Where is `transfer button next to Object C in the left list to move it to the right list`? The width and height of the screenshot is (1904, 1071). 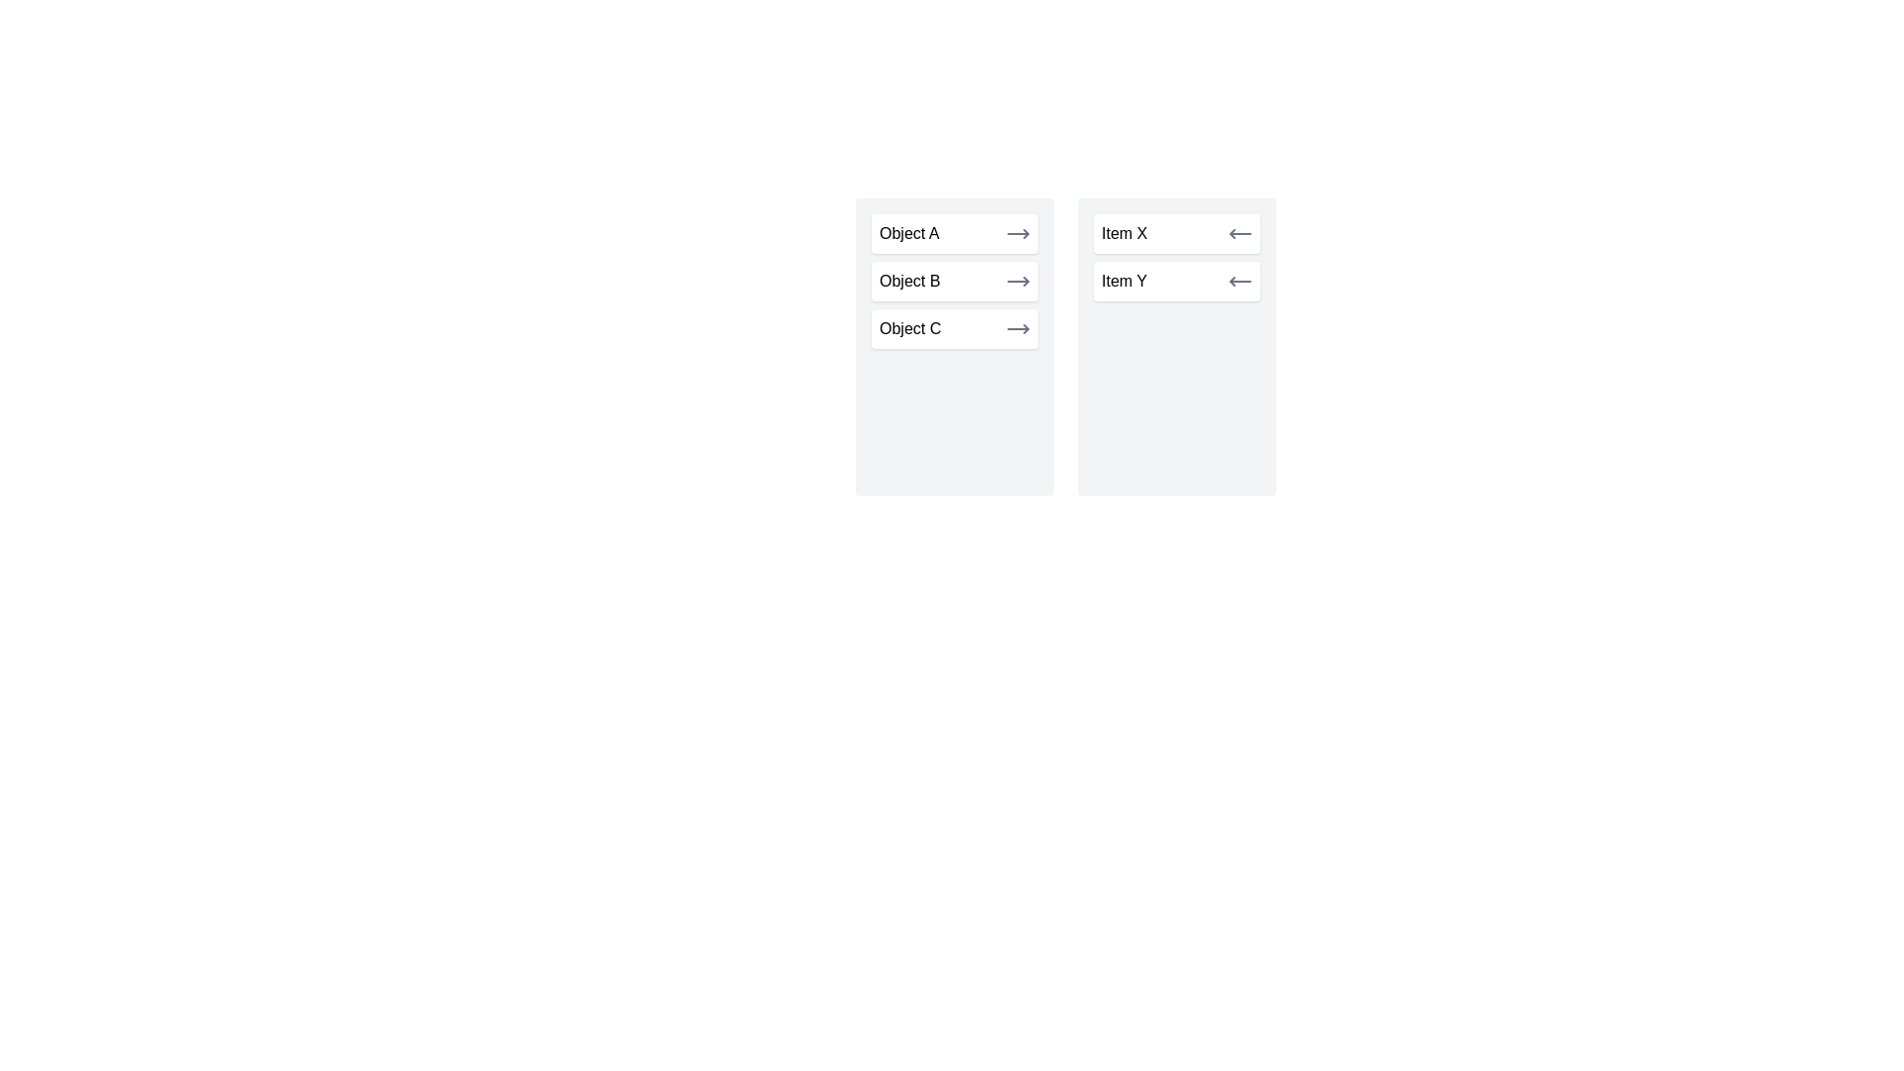
transfer button next to Object C in the left list to move it to the right list is located at coordinates (1018, 327).